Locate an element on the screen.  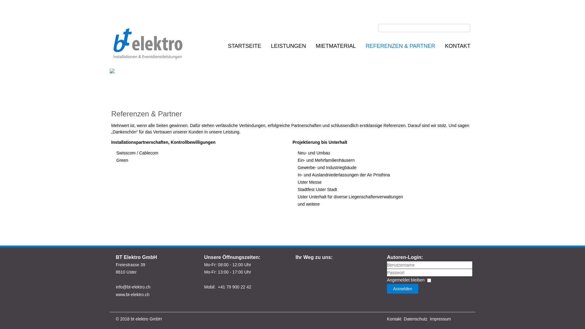
'LEISTUNGEN' is located at coordinates (288, 45).